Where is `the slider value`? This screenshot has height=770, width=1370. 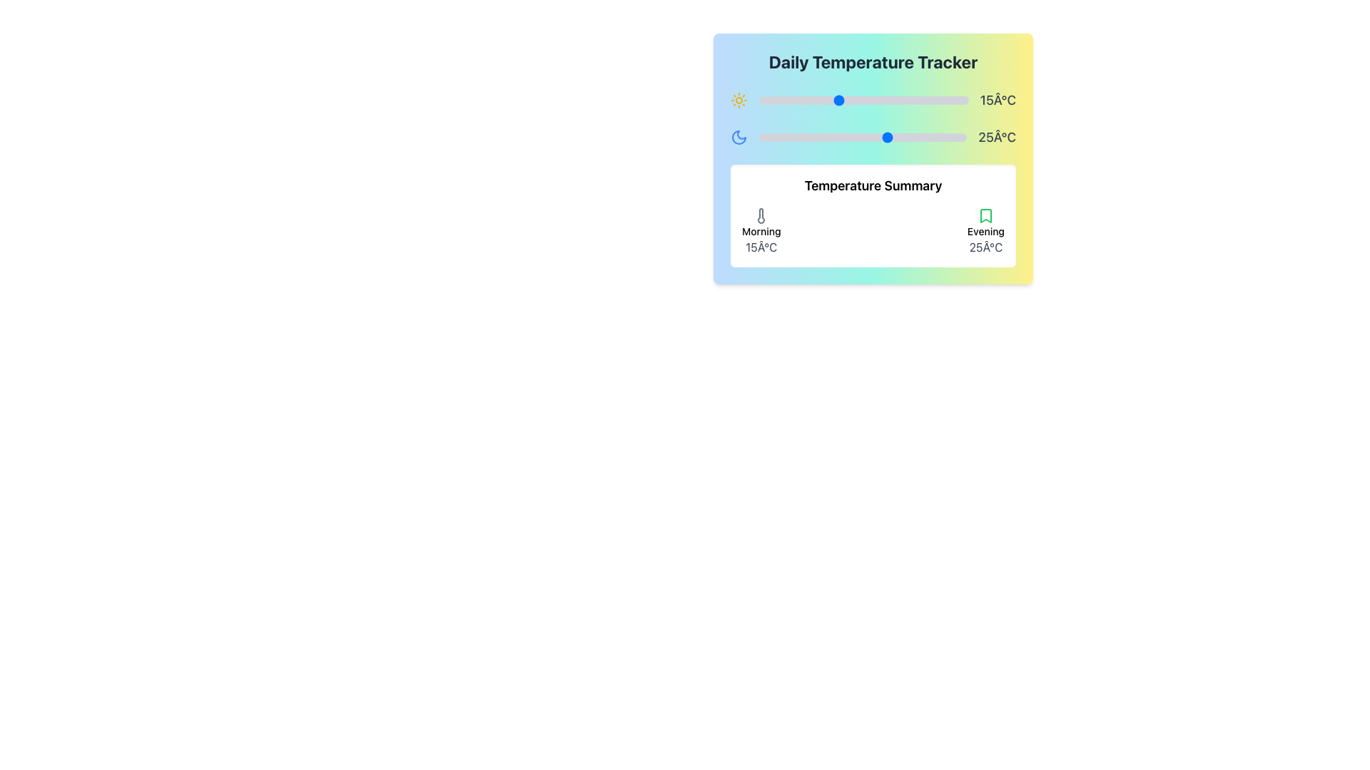
the slider value is located at coordinates (925, 137).